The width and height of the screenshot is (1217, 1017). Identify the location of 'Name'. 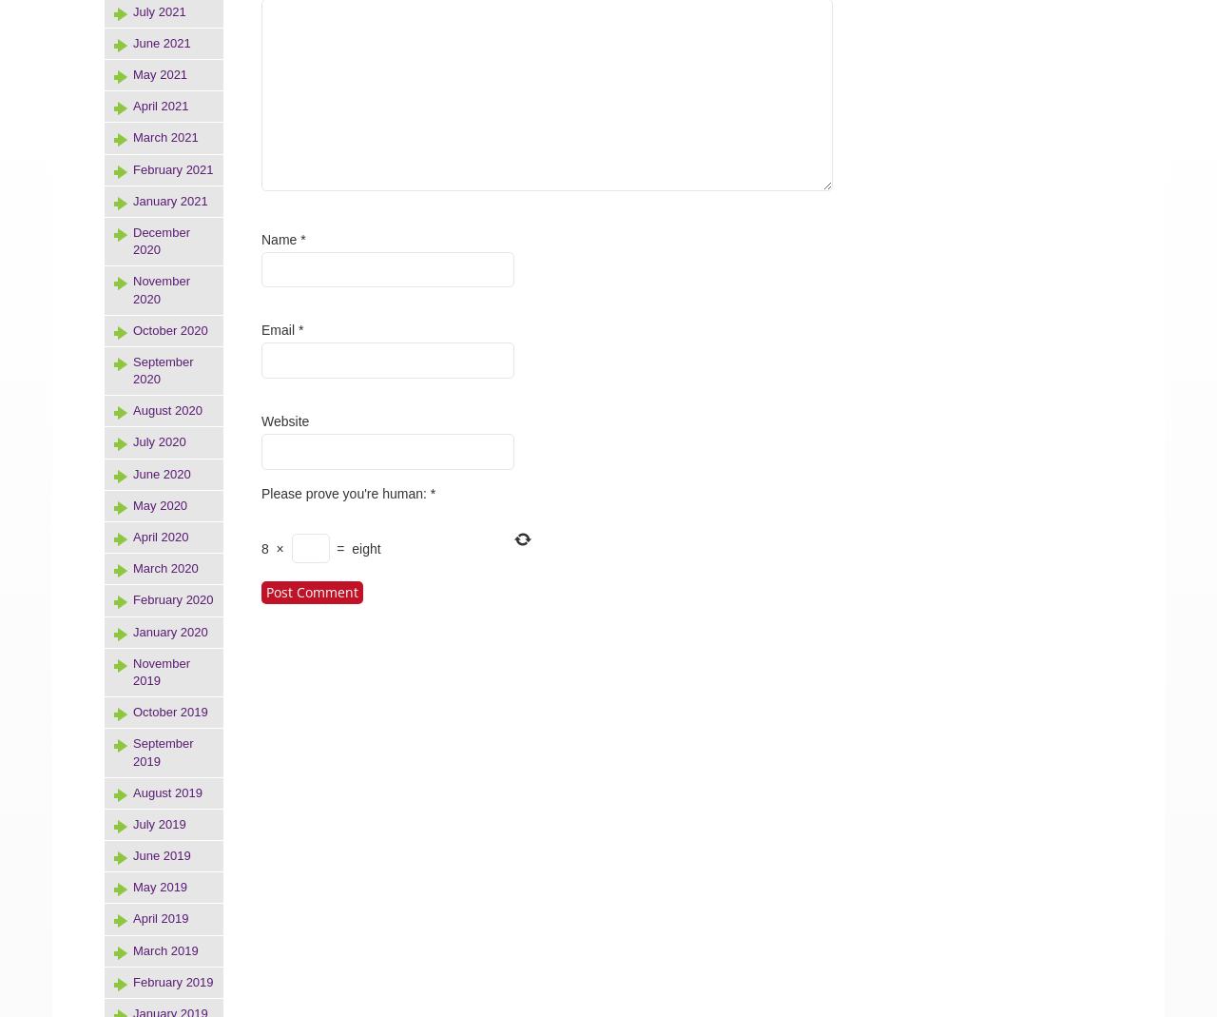
(260, 238).